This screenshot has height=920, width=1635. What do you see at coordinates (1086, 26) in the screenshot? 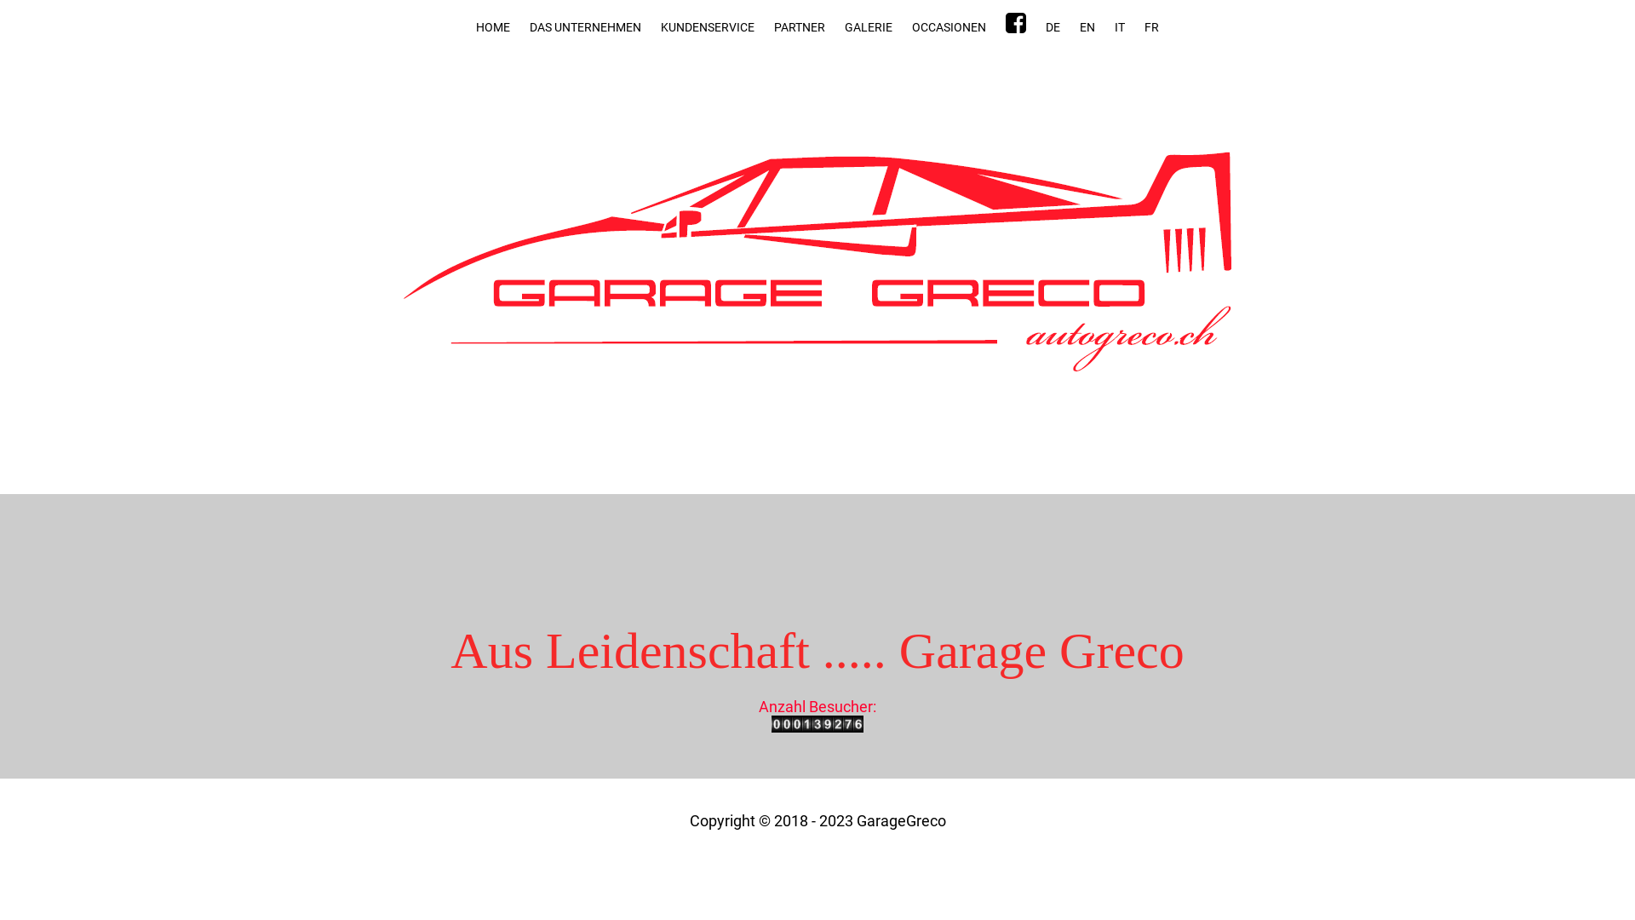
I see `'EN'` at bounding box center [1086, 26].